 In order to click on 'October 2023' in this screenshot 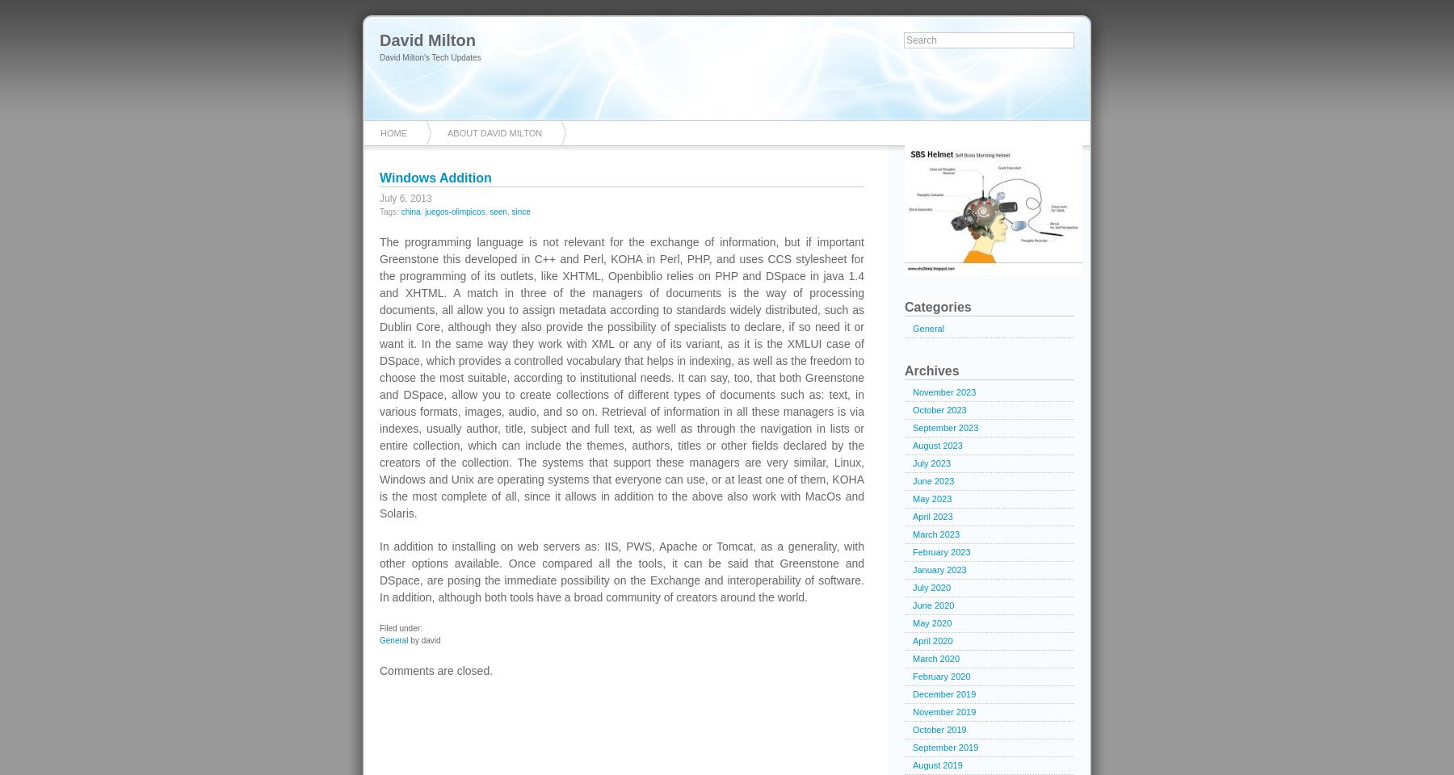, I will do `click(912, 409)`.